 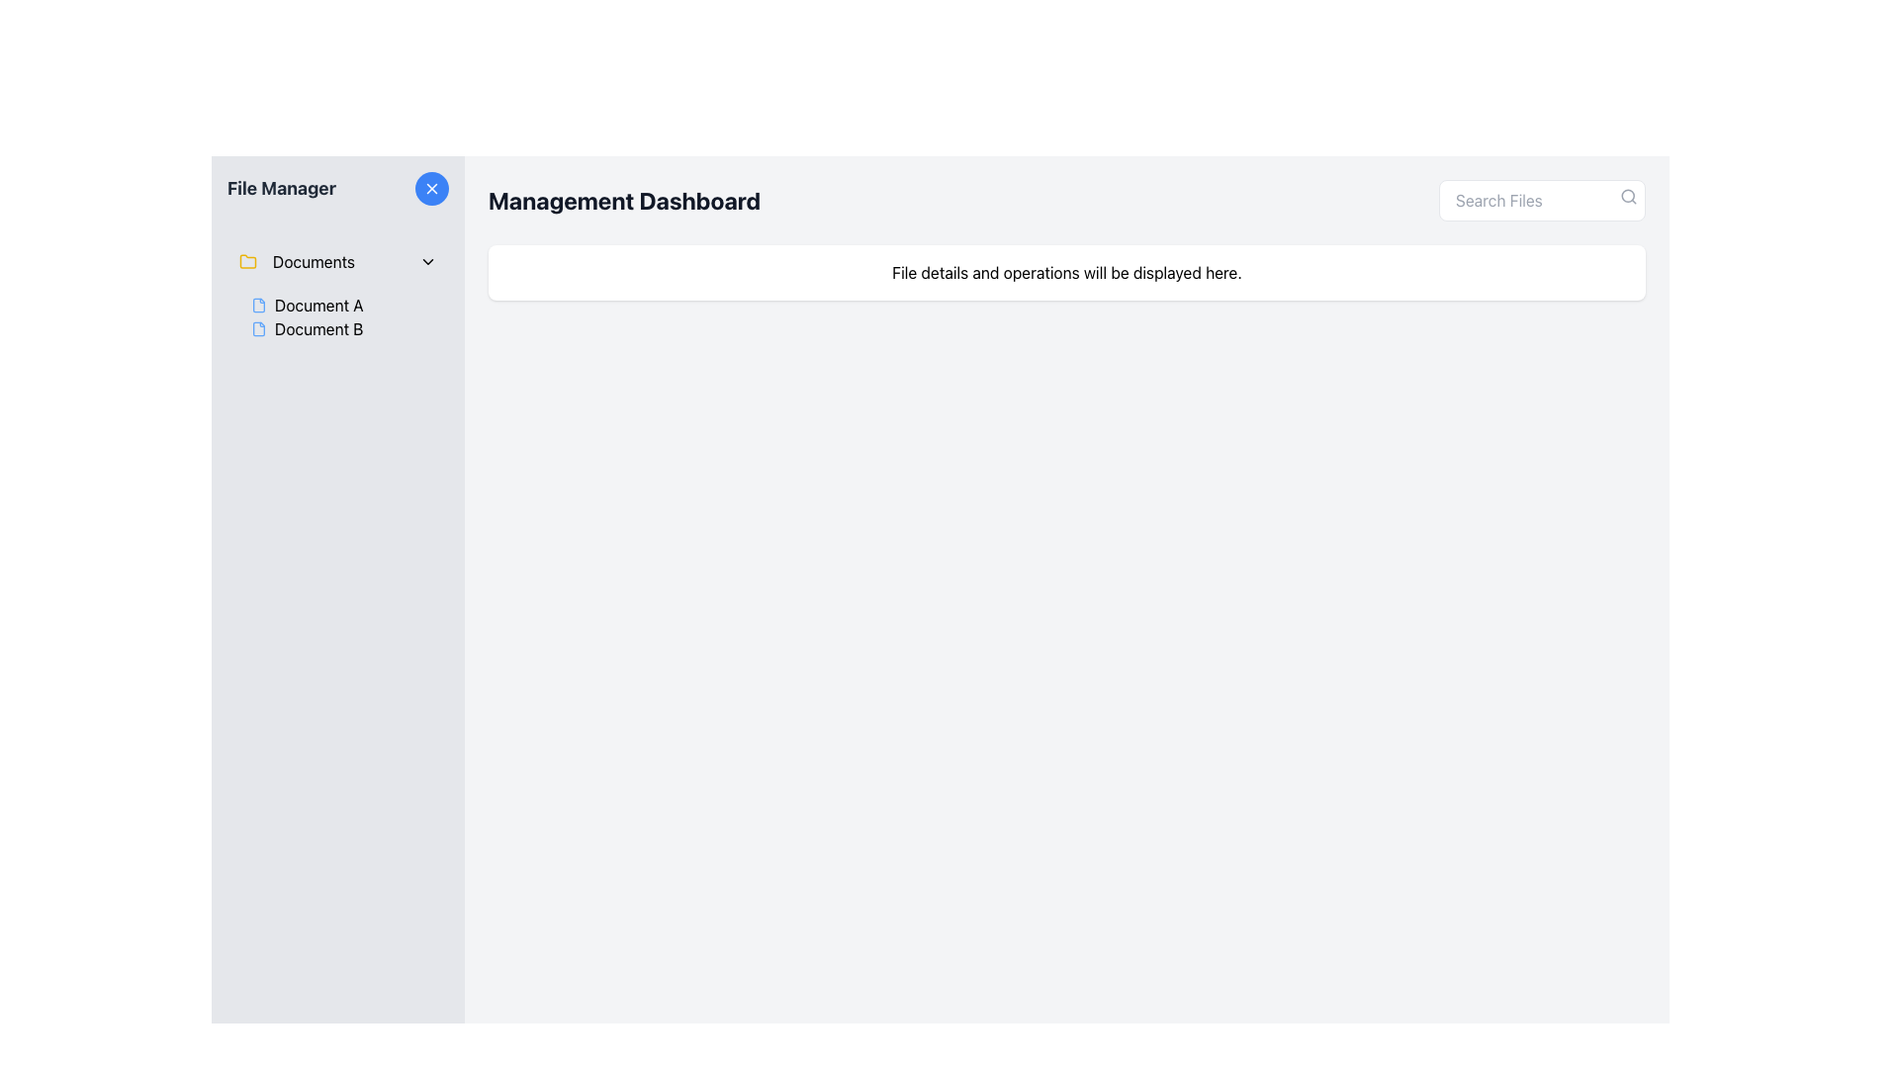 What do you see at coordinates (350, 327) in the screenshot?
I see `the 'Document B' Label with Icon` at bounding box center [350, 327].